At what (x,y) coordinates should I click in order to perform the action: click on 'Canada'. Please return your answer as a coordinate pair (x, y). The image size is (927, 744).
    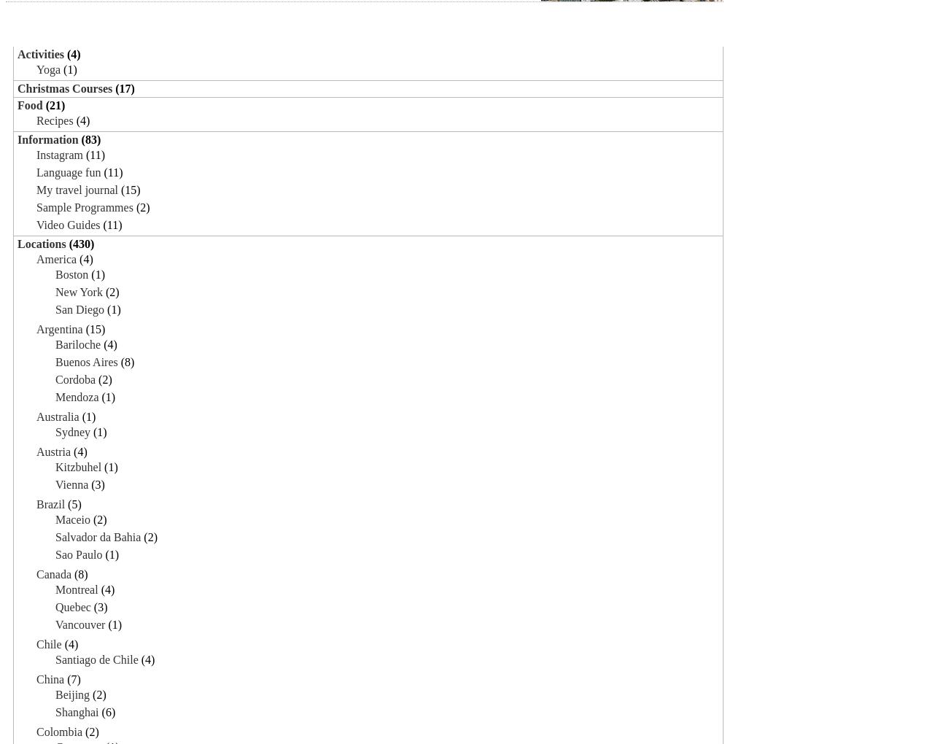
    Looking at the image, I should click on (53, 573).